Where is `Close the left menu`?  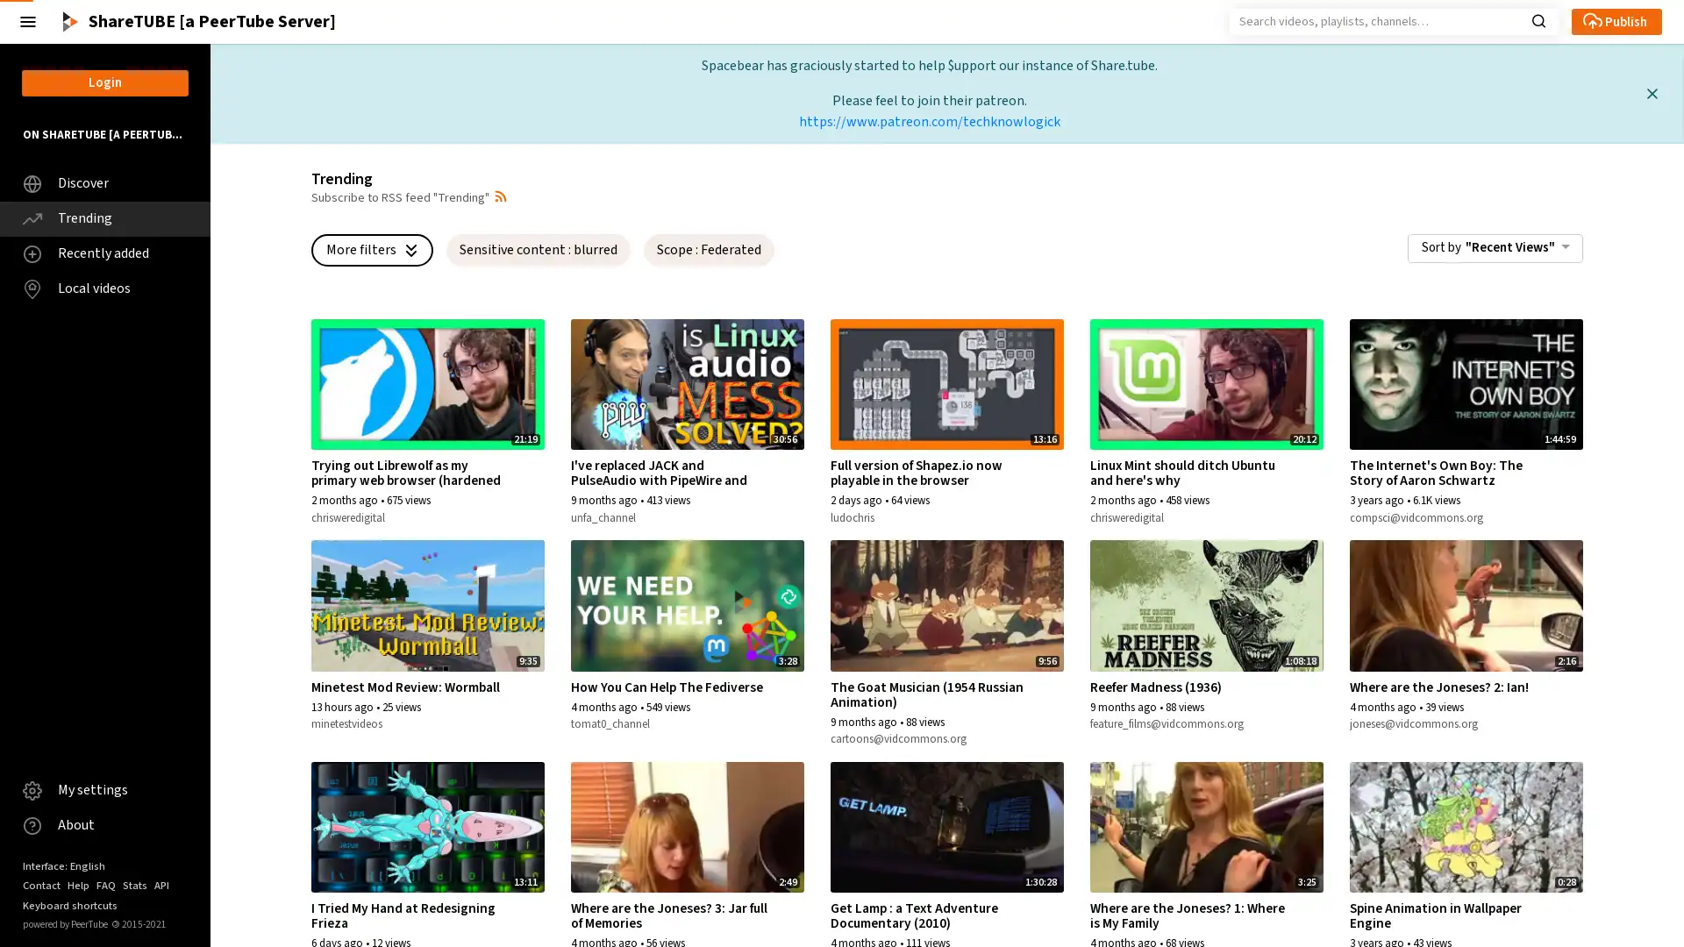 Close the left menu is located at coordinates (28, 21).